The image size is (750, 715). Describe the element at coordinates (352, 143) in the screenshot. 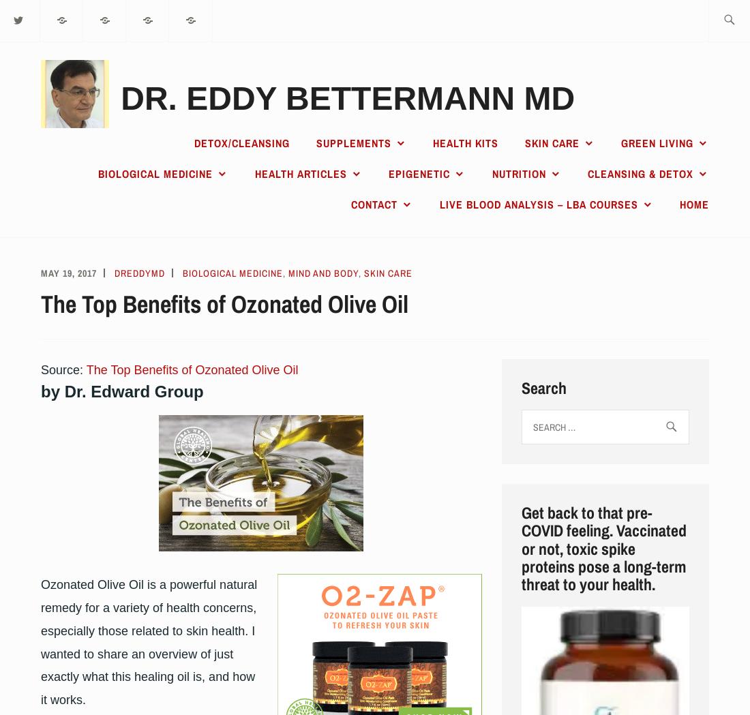

I see `'Supplements'` at that location.